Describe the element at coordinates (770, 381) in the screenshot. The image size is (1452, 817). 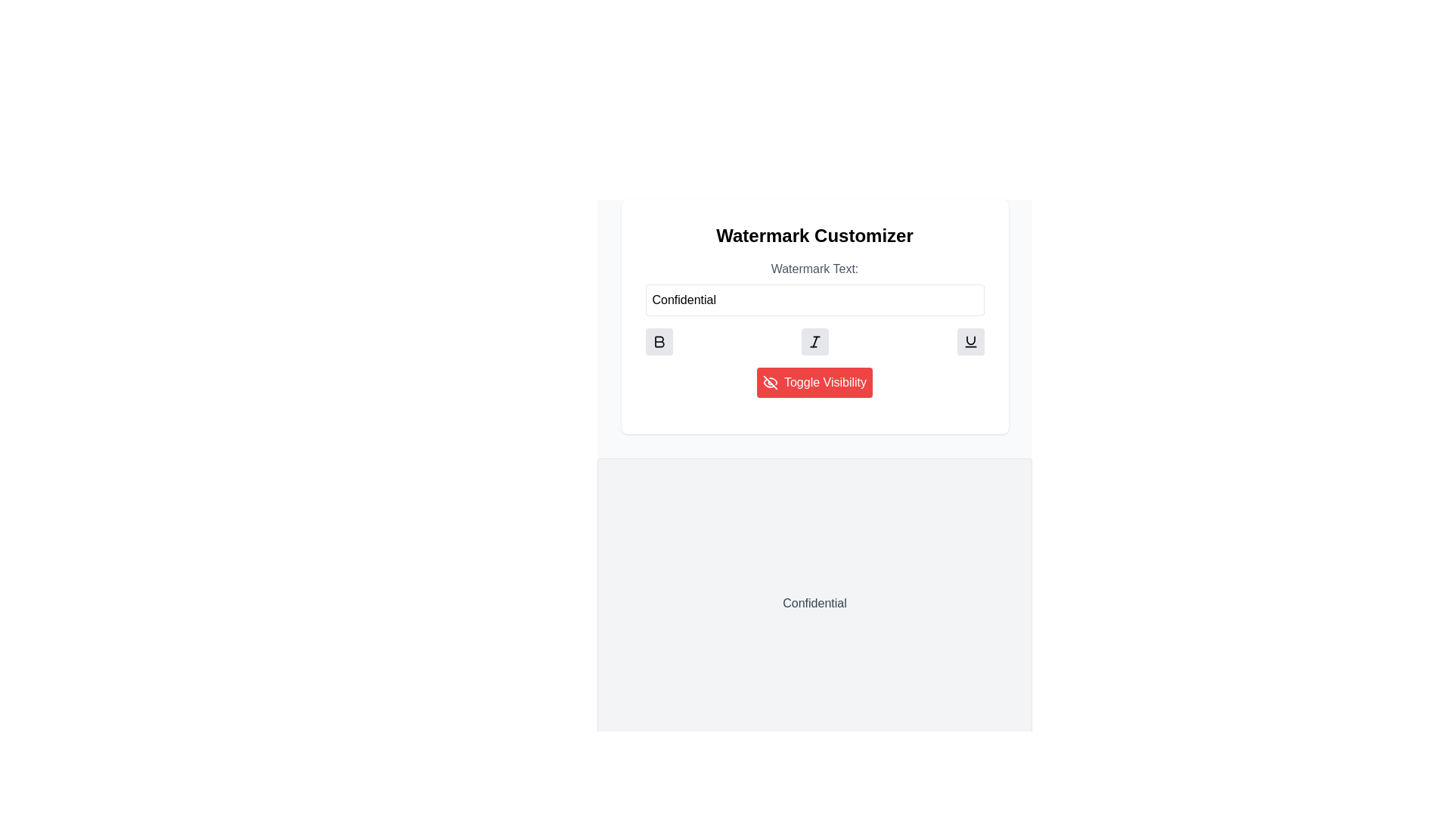
I see `the crossed-out eye icon with a red background located within the 'Toggle Visibility' button` at that location.